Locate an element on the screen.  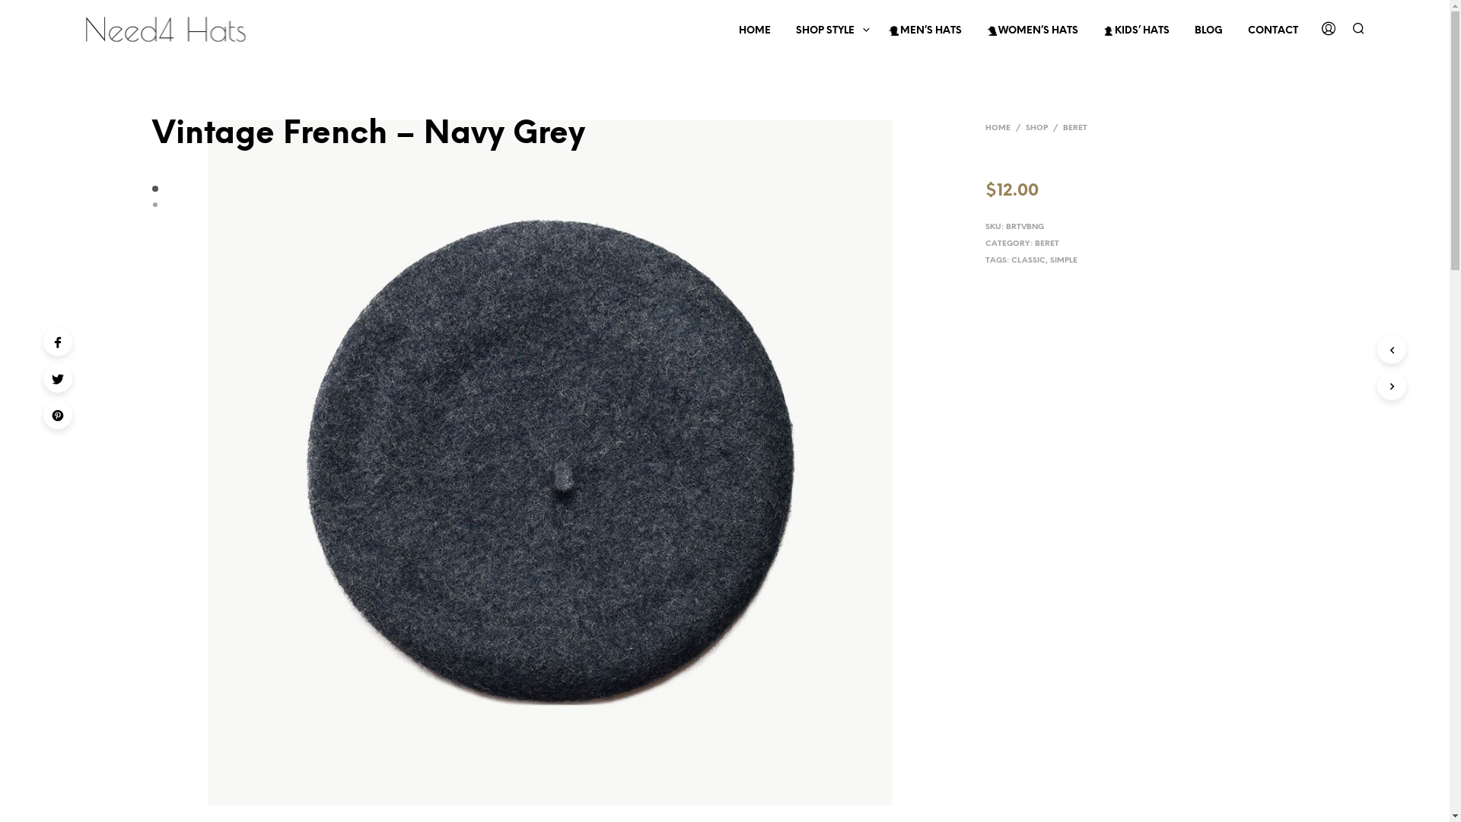
'CONTACT' is located at coordinates (1235, 31).